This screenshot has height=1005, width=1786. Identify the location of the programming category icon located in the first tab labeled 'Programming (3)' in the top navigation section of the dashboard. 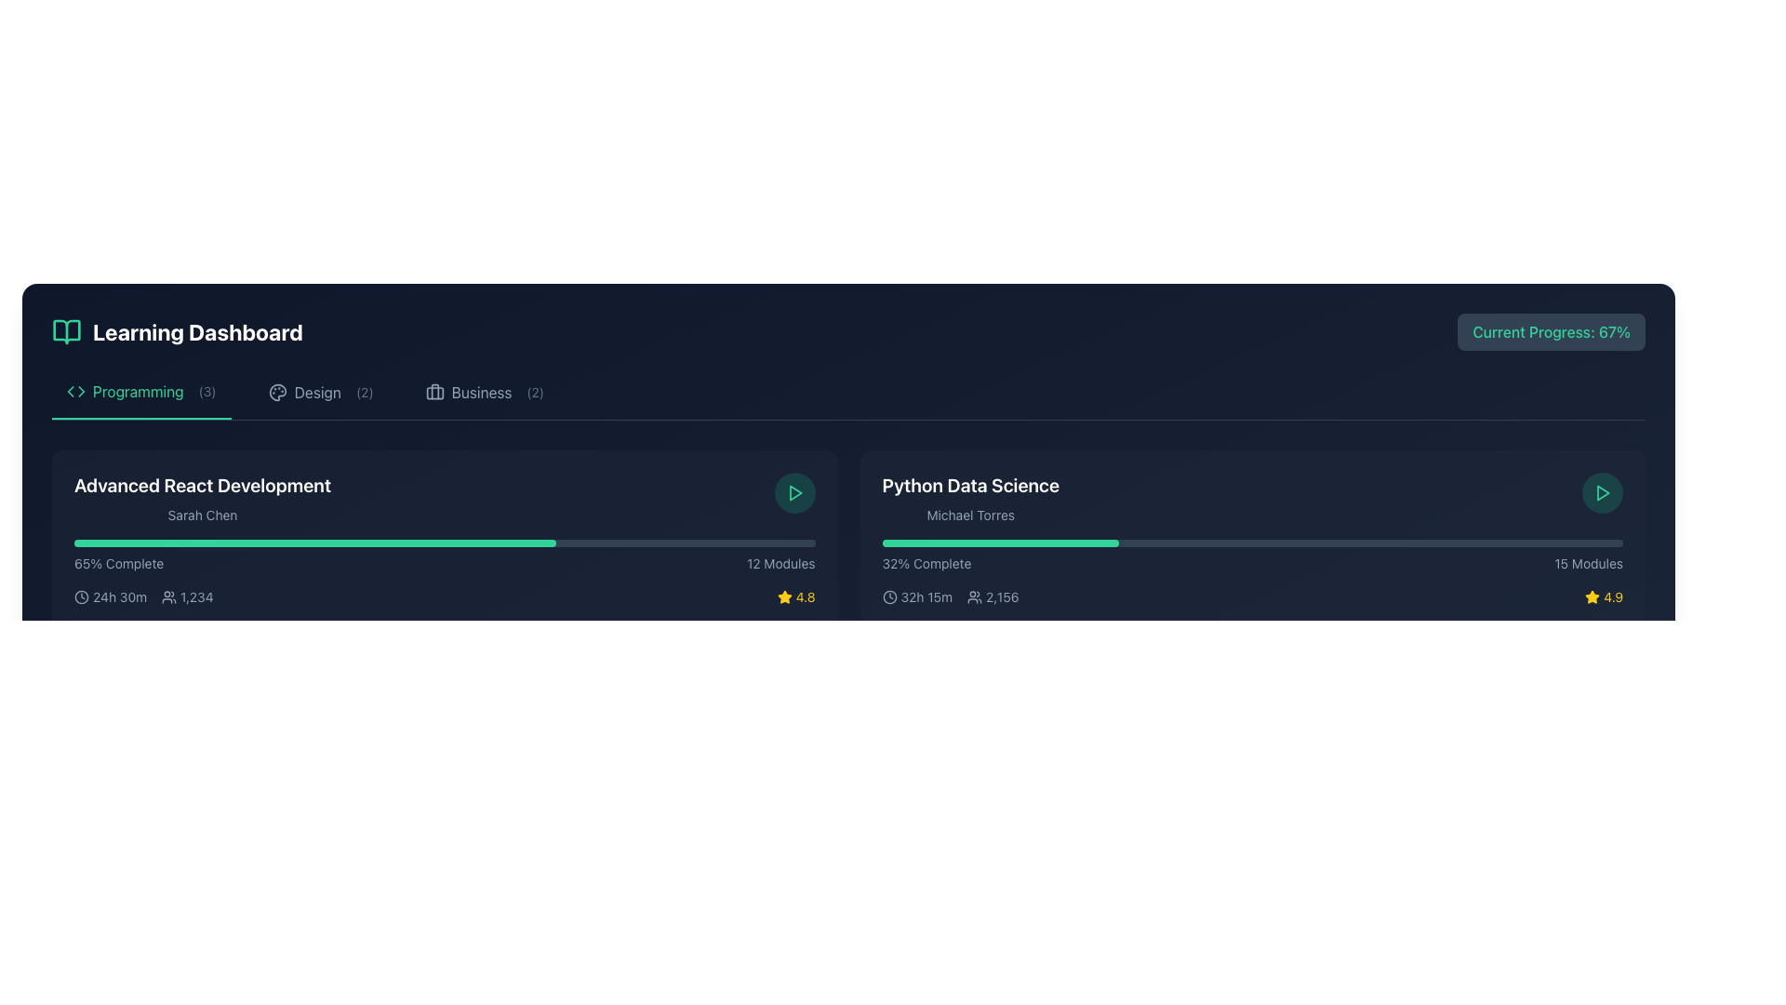
(74, 390).